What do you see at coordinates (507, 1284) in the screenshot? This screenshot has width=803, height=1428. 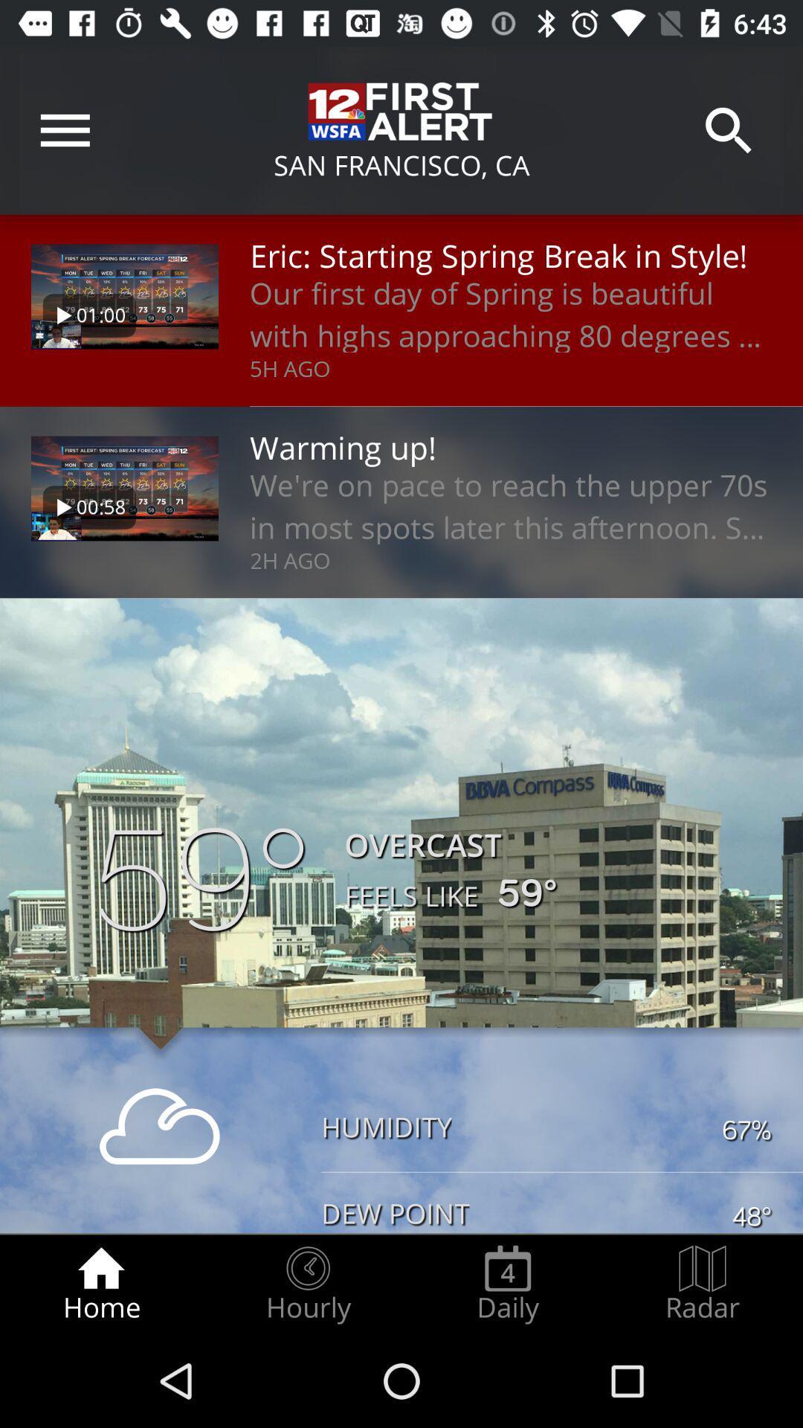 I see `item to the right of hourly radio button` at bounding box center [507, 1284].